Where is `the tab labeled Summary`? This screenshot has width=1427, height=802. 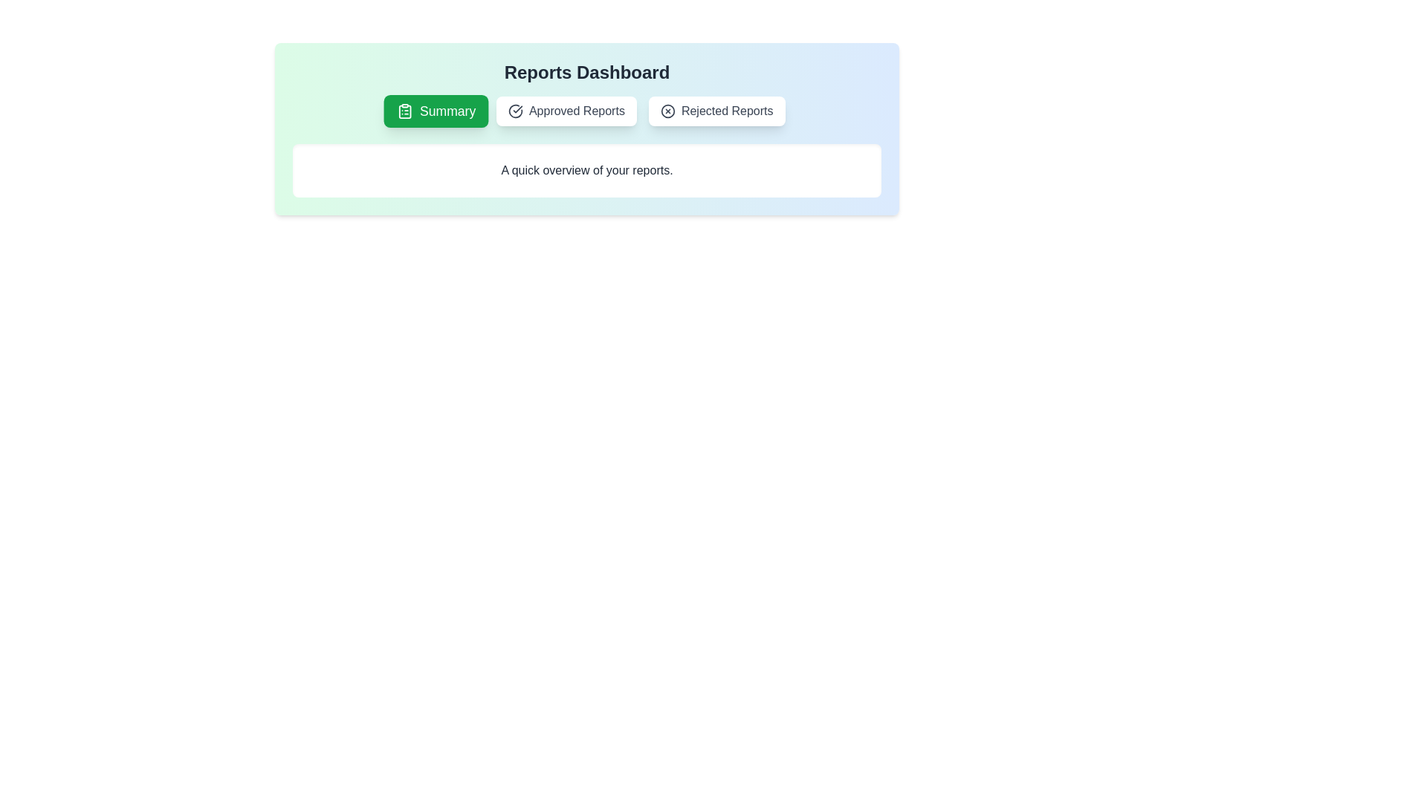
the tab labeled Summary is located at coordinates (436, 111).